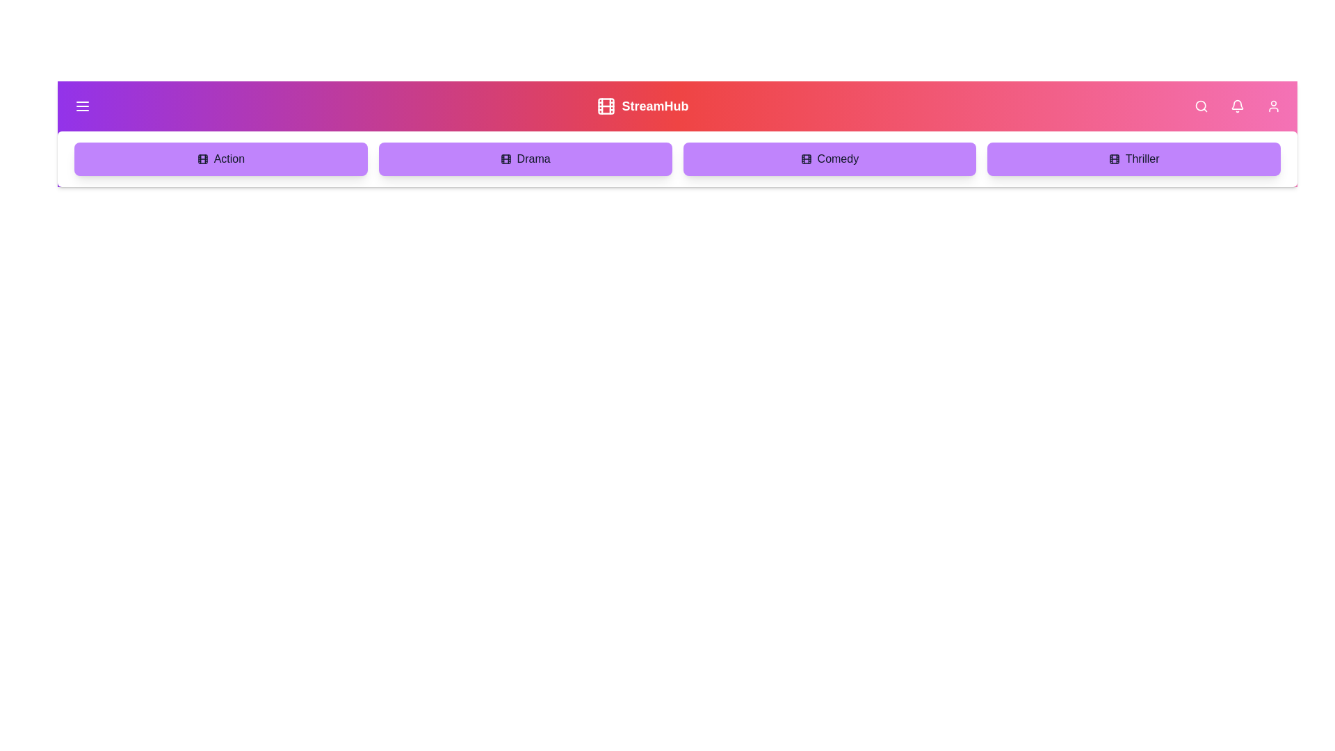 This screenshot has height=751, width=1335. What do you see at coordinates (1274, 106) in the screenshot?
I see `the user profile icon button` at bounding box center [1274, 106].